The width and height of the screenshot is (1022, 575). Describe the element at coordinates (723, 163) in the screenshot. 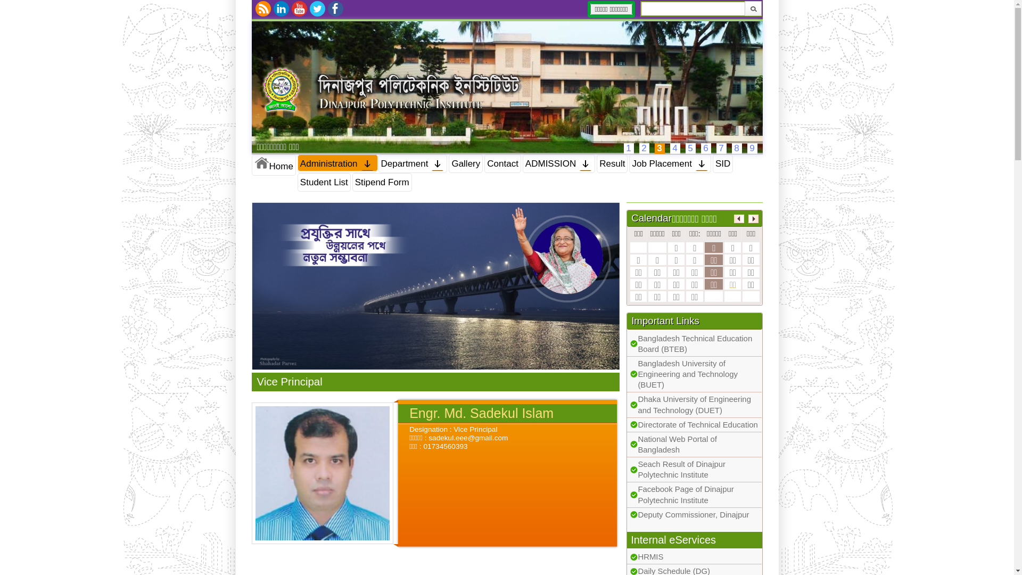

I see `'SID'` at that location.